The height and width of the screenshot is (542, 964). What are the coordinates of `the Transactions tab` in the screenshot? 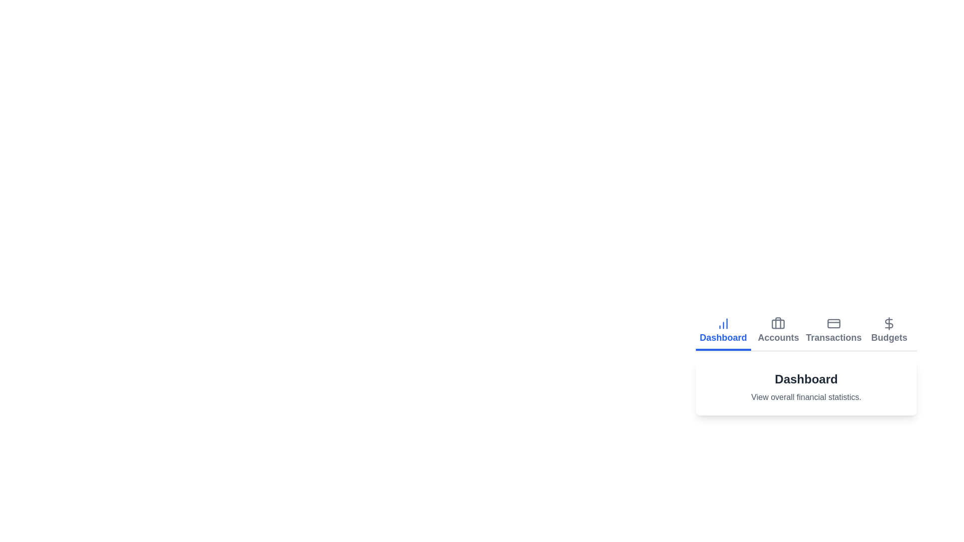 It's located at (833, 331).